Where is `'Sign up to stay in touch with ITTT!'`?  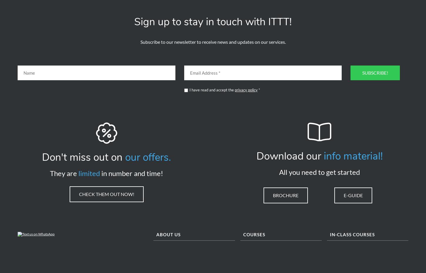
'Sign up to stay in touch with ITTT!' is located at coordinates (134, 24).